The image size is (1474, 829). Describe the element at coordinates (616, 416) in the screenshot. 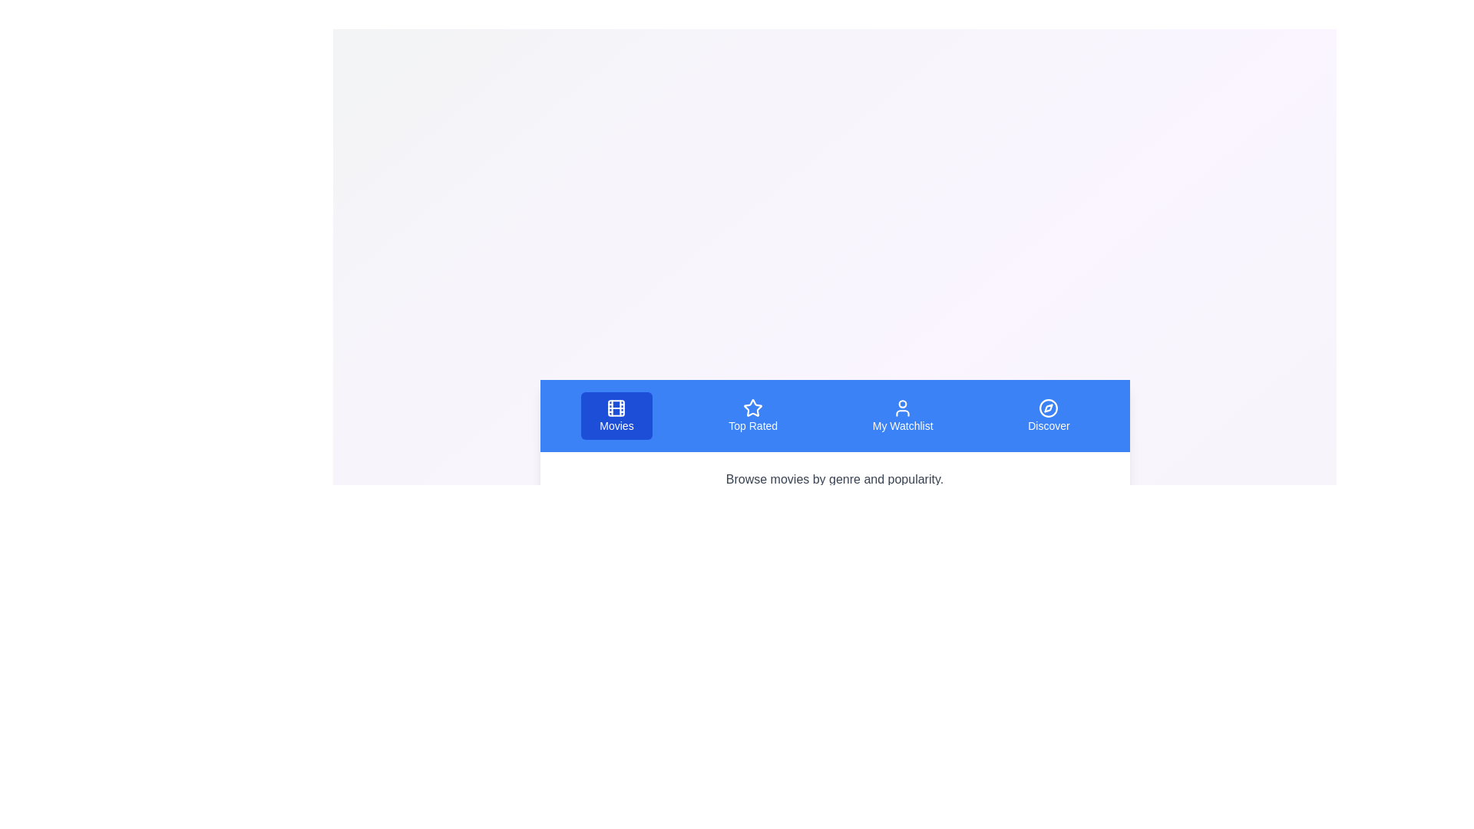

I see `the tab labeled 'Movies' to see its hover effect` at that location.